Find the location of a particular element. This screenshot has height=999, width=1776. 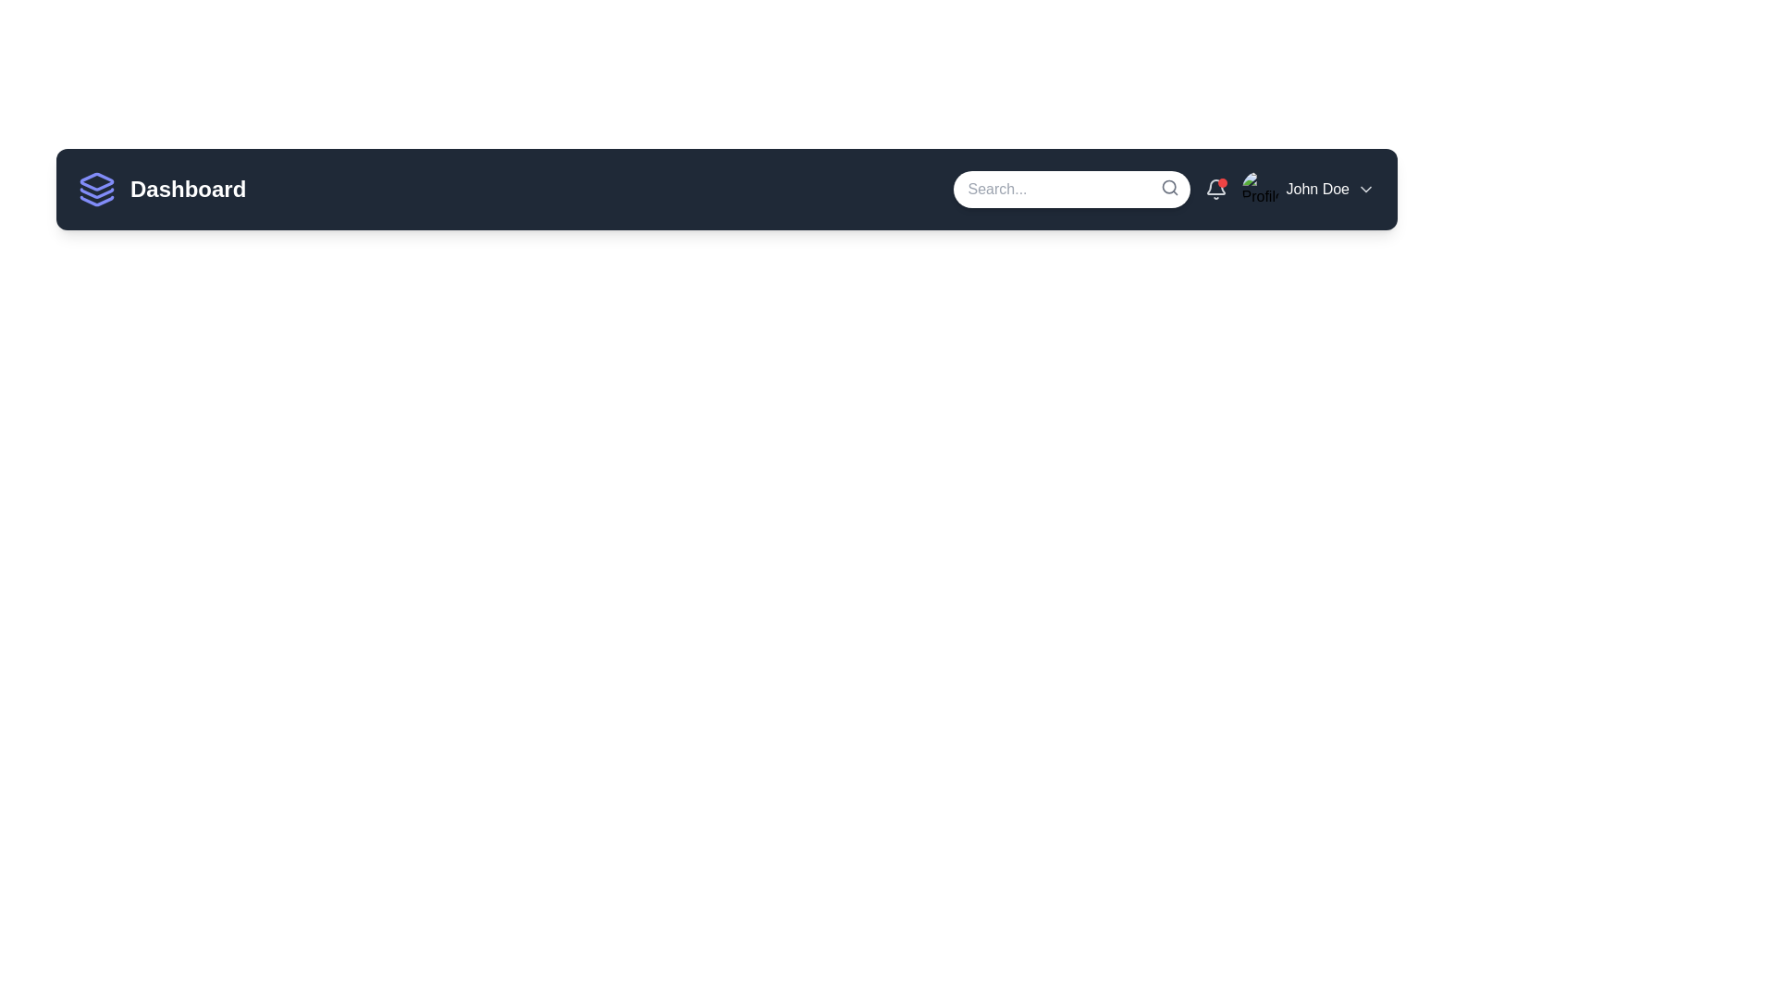

the circular graphic representation of the magnifier lens located near the search input box on the navigation bar is located at coordinates (1167, 187).